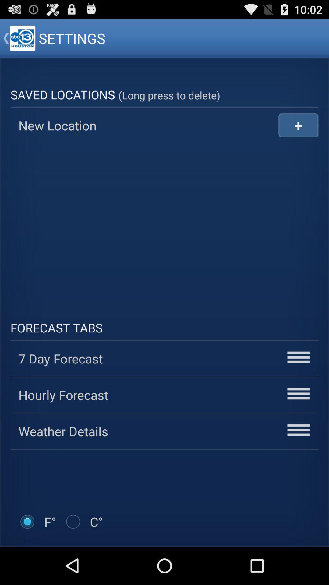 The image size is (329, 585). I want to click on the icon below weather details icon, so click(83, 521).